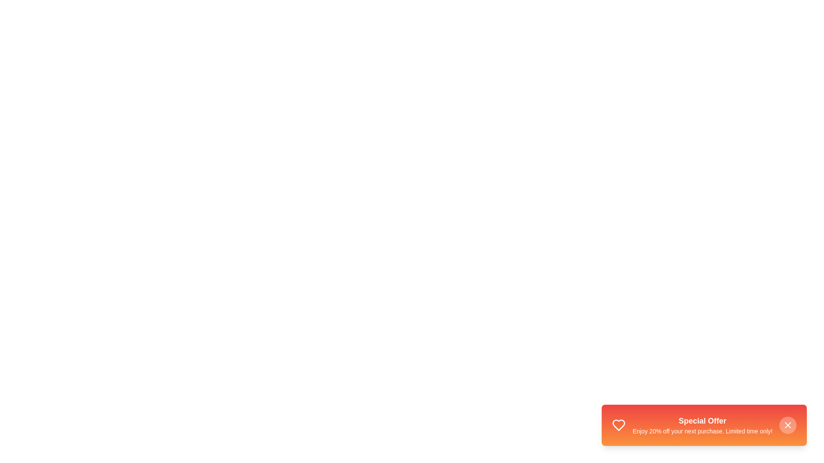 This screenshot has height=463, width=824. I want to click on the snackbar to observe hover effects, so click(704, 425).